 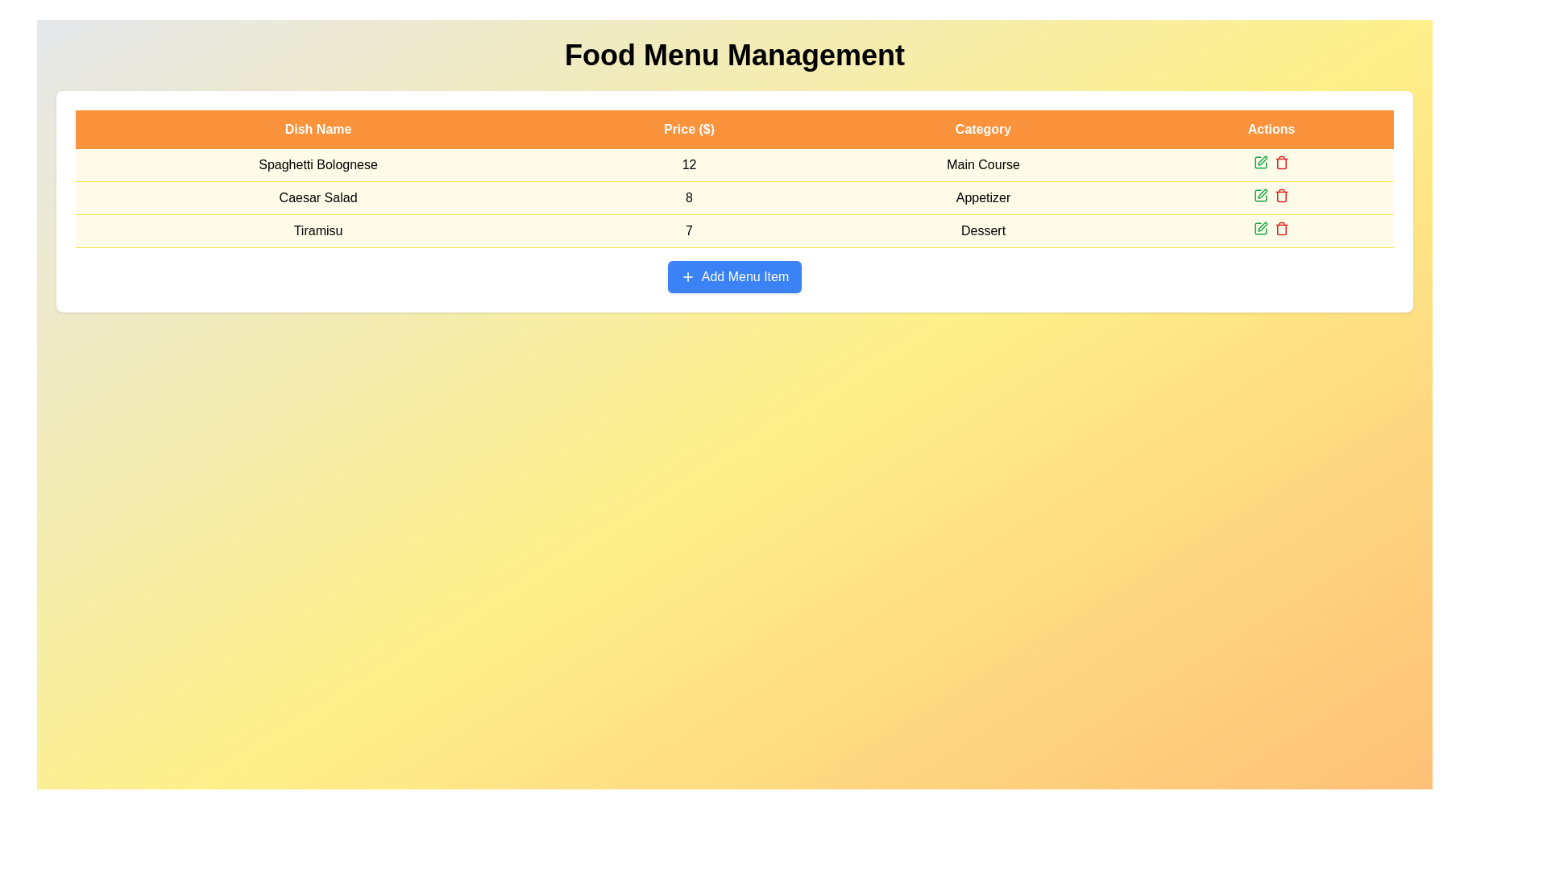 What do you see at coordinates (687, 275) in the screenshot?
I see `the plus icon located to the left of the text 'Add Menu Item' within the blue rectangular button at the bottom of the interface` at bounding box center [687, 275].